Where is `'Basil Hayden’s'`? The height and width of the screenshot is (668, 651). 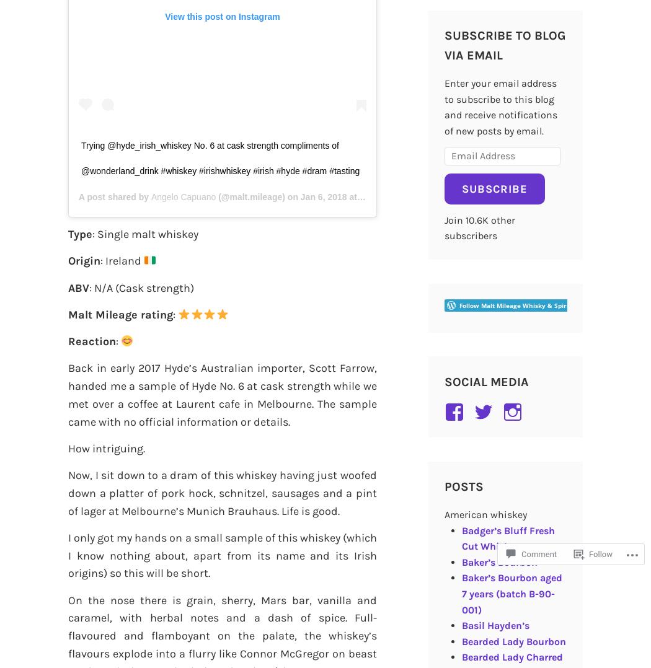
'Basil Hayden’s' is located at coordinates (494, 625).